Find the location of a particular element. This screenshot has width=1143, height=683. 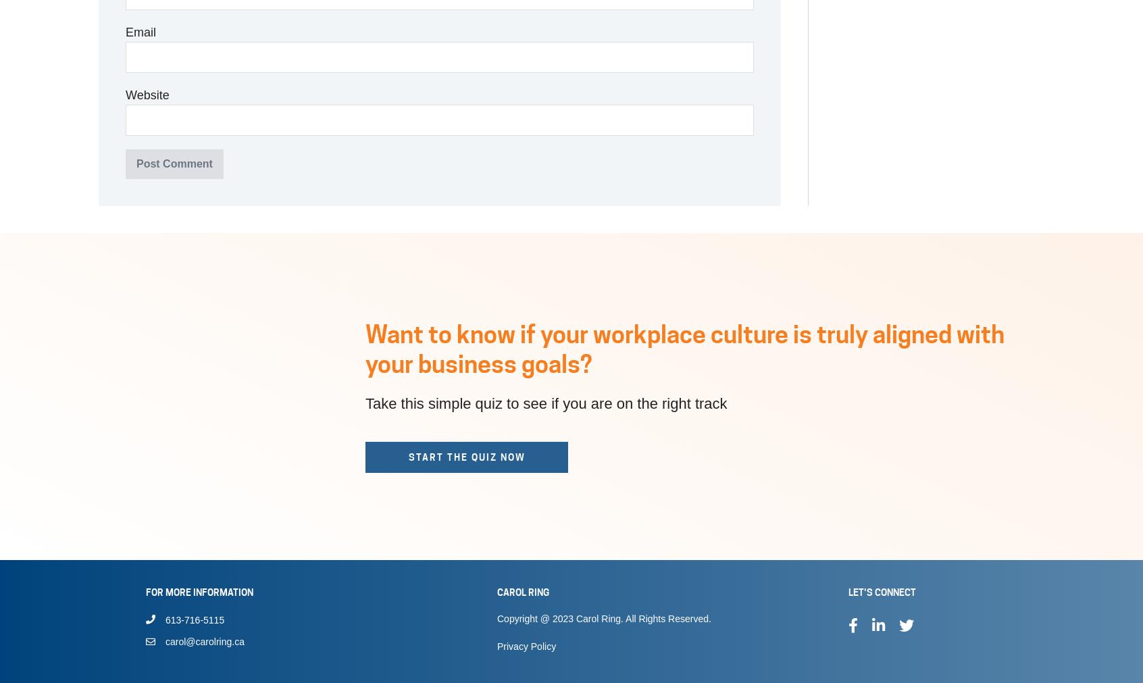

'Take this simple quiz to see if you are on the right track' is located at coordinates (546, 403).